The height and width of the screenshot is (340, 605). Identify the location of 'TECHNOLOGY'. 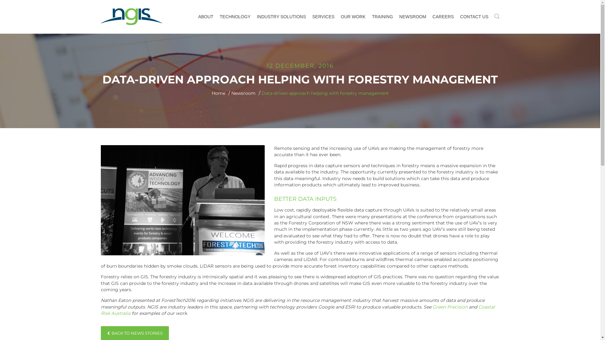
(234, 16).